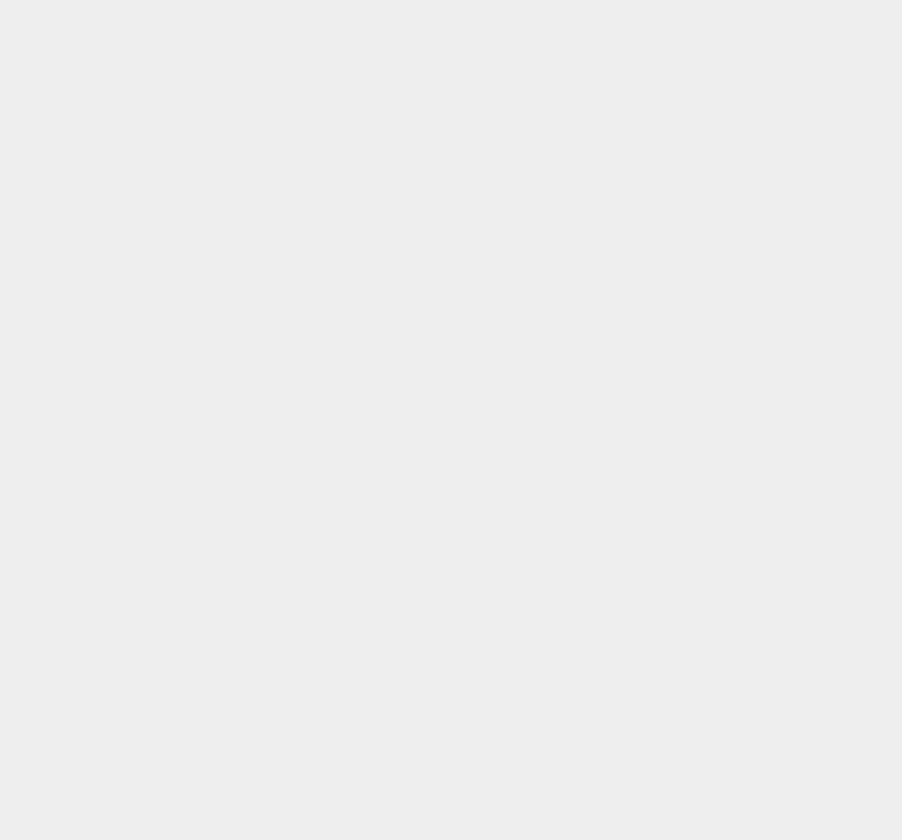  What do you see at coordinates (658, 744) in the screenshot?
I see `'iOS 7.0.1'` at bounding box center [658, 744].